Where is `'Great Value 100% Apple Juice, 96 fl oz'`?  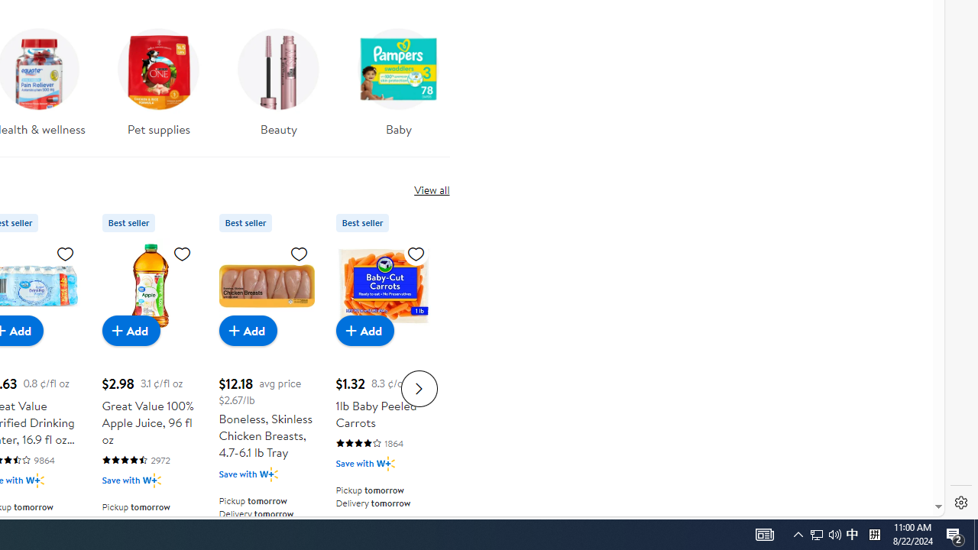 'Great Value 100% Apple Juice, 96 fl oz' is located at coordinates (149, 286).